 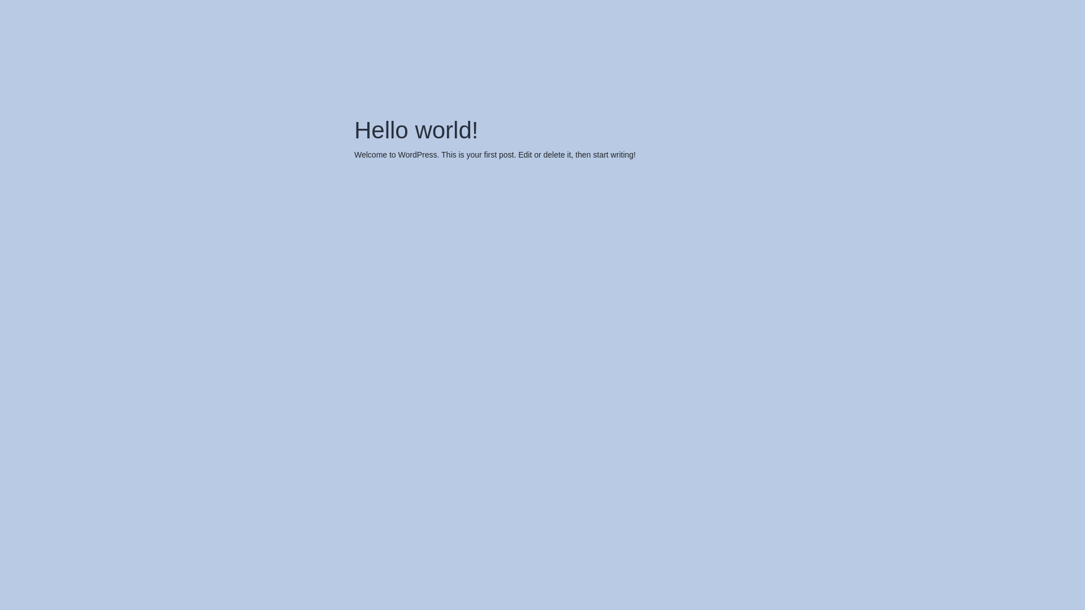 What do you see at coordinates (415, 129) in the screenshot?
I see `'Hello world!'` at bounding box center [415, 129].